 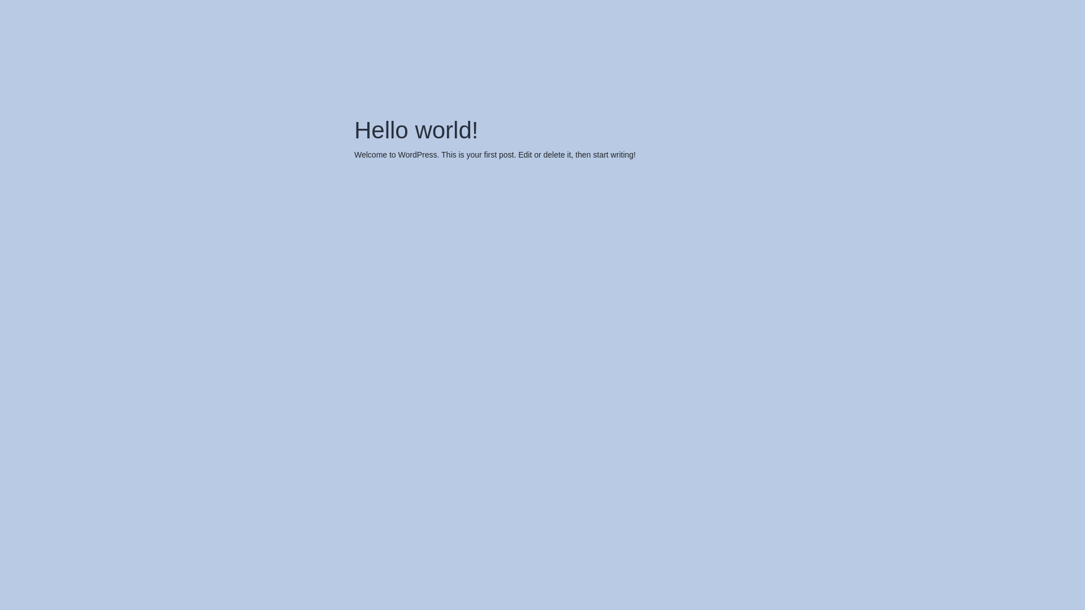 What do you see at coordinates (415, 129) in the screenshot?
I see `'Hello world!'` at bounding box center [415, 129].